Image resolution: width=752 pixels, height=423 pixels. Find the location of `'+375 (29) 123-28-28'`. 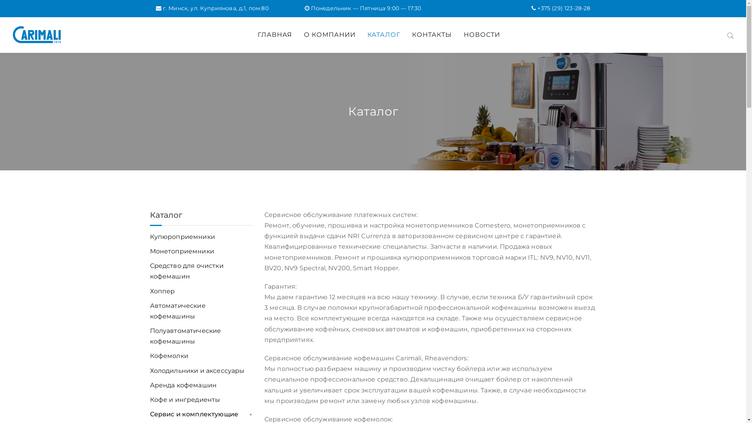

'+375 (29) 123-28-28' is located at coordinates (563, 8).